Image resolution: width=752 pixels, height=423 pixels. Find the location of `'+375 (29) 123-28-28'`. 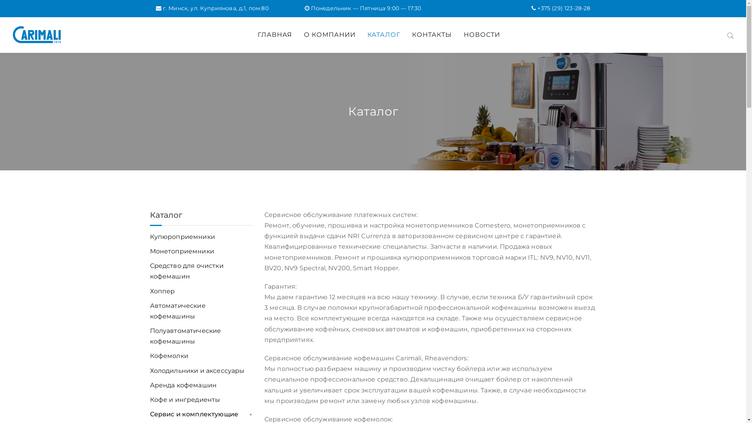

'+375 (29) 123-28-28' is located at coordinates (563, 8).